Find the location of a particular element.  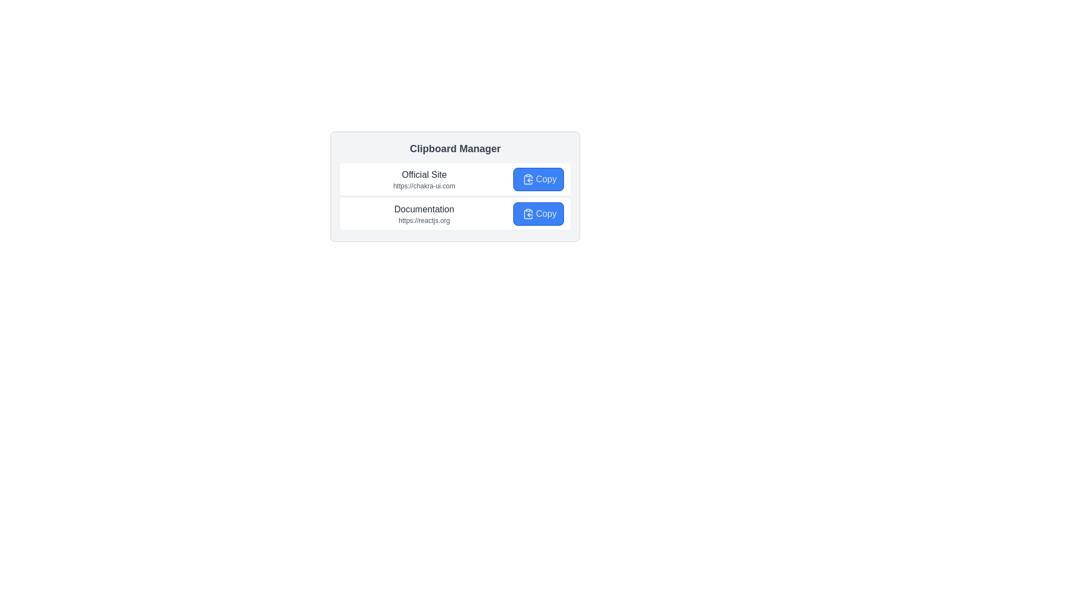

the text label displaying 'Documentation' in the Clipboard Manager card layout, located in the second row and aligned to the left is located at coordinates (424, 209).